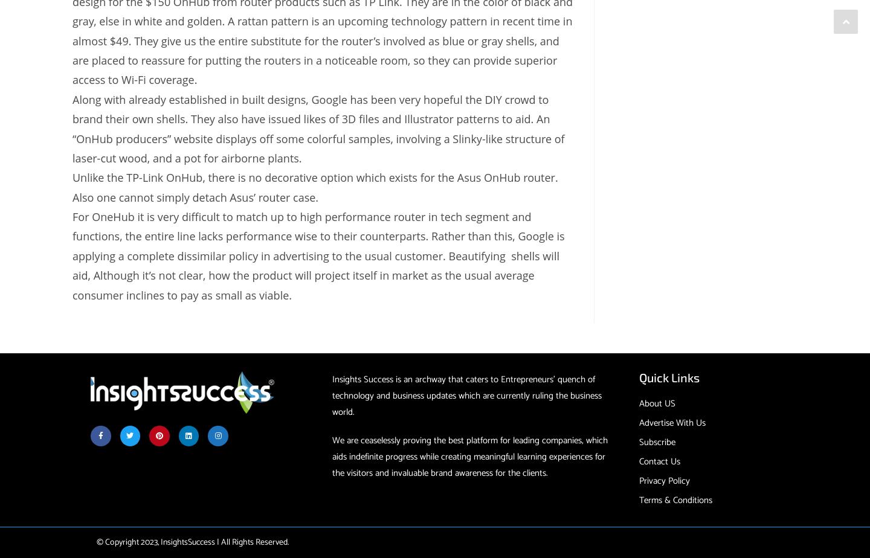 This screenshot has height=558, width=870. I want to click on 'Advertise With Us', so click(671, 423).